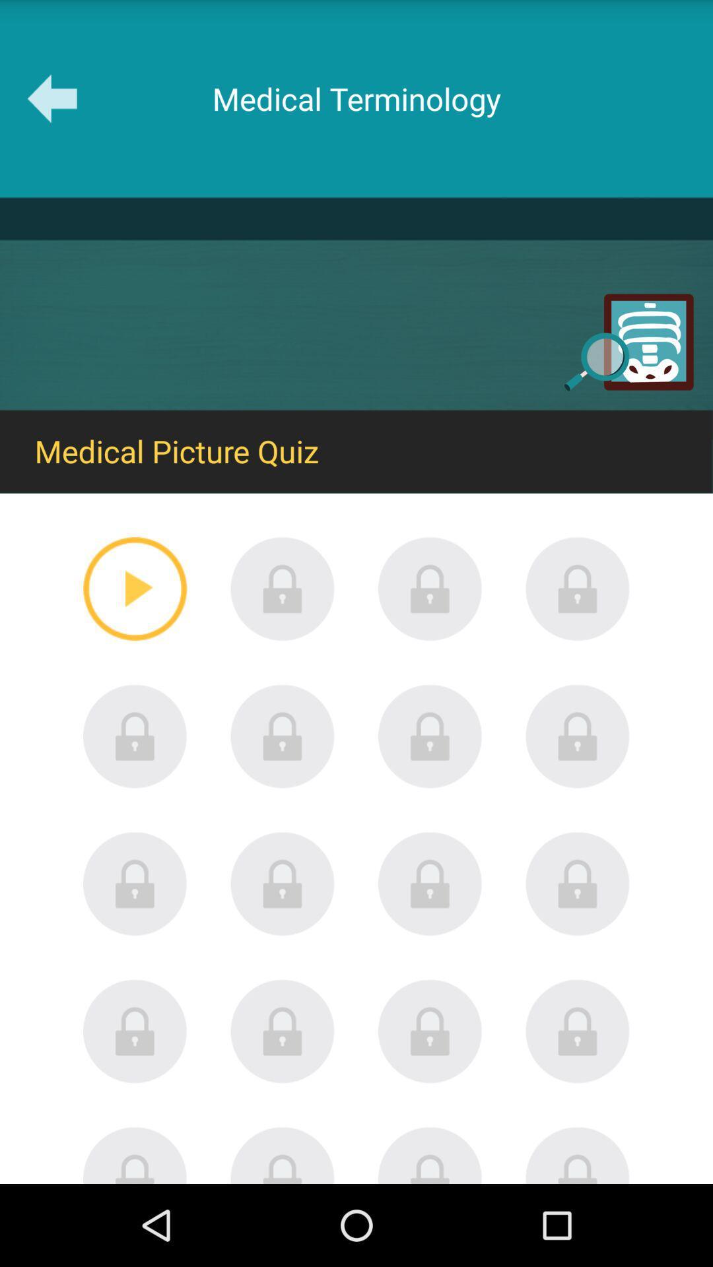  What do you see at coordinates (577, 1103) in the screenshot?
I see `the lock icon` at bounding box center [577, 1103].